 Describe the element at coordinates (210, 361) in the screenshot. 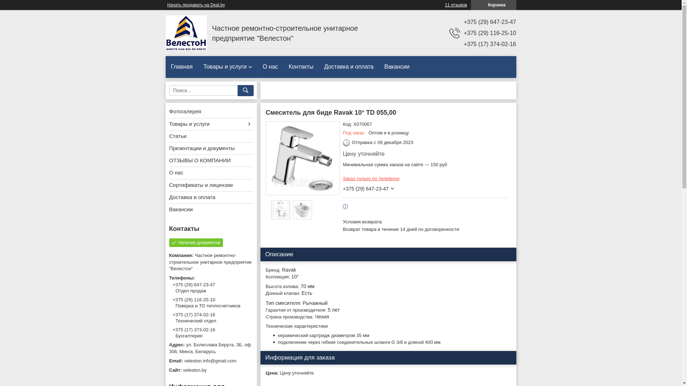

I see `'veleston.info@gmail.com'` at that location.